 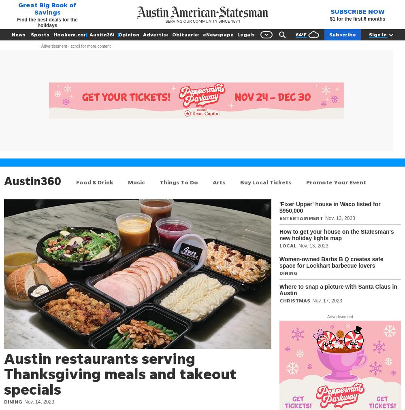 What do you see at coordinates (120, 373) in the screenshot?
I see `'Austin restaurants serving Thanksgiving meals and takeout specials'` at bounding box center [120, 373].